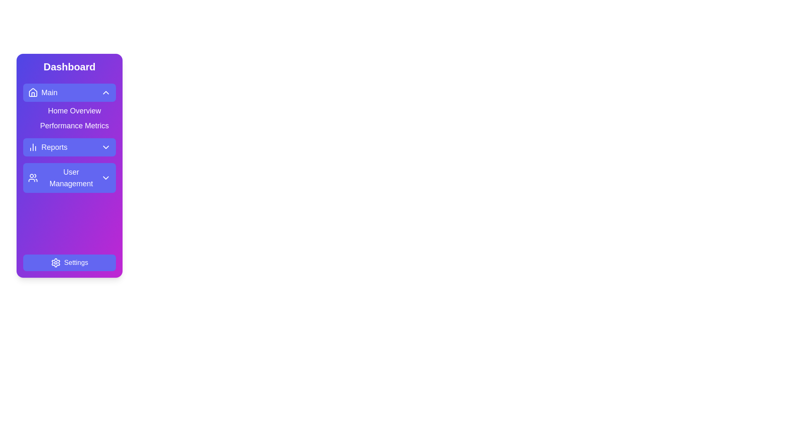  I want to click on the 'User Management' navigation menu item located in the sidebar, which is the fourth option in the list, so click(64, 177).